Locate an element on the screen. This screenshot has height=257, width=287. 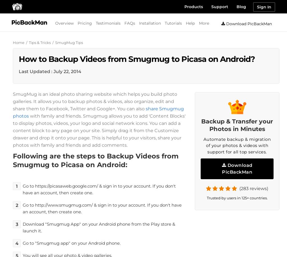
'Blog' is located at coordinates (241, 6).